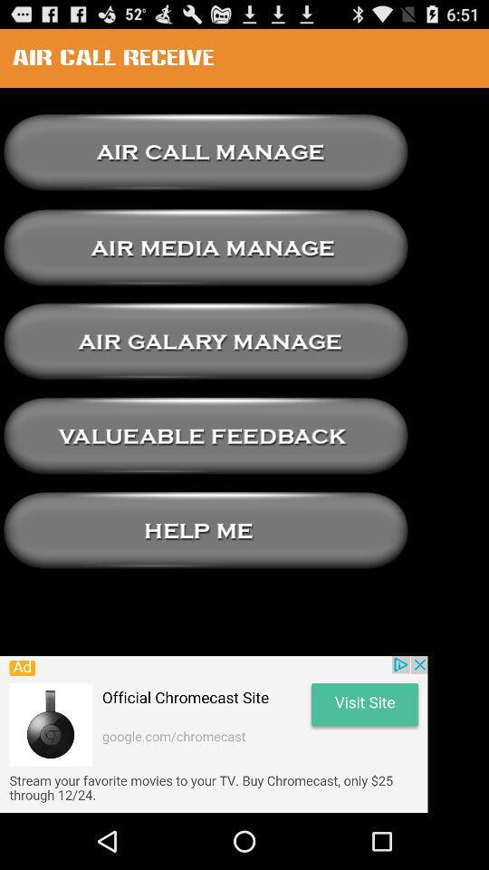  Describe the element at coordinates (205, 341) in the screenshot. I see `back` at that location.